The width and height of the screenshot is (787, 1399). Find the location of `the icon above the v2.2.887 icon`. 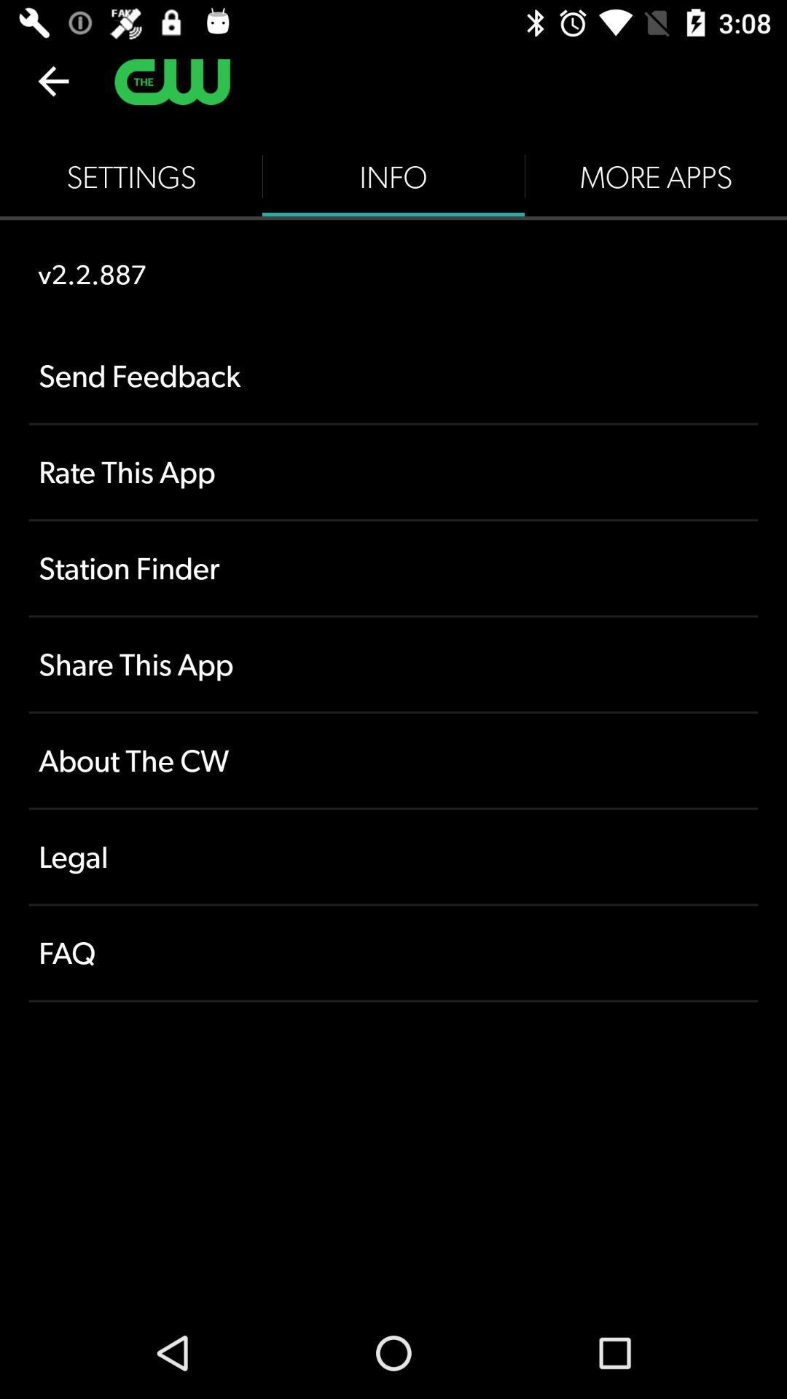

the icon above the v2.2.887 icon is located at coordinates (131, 176).